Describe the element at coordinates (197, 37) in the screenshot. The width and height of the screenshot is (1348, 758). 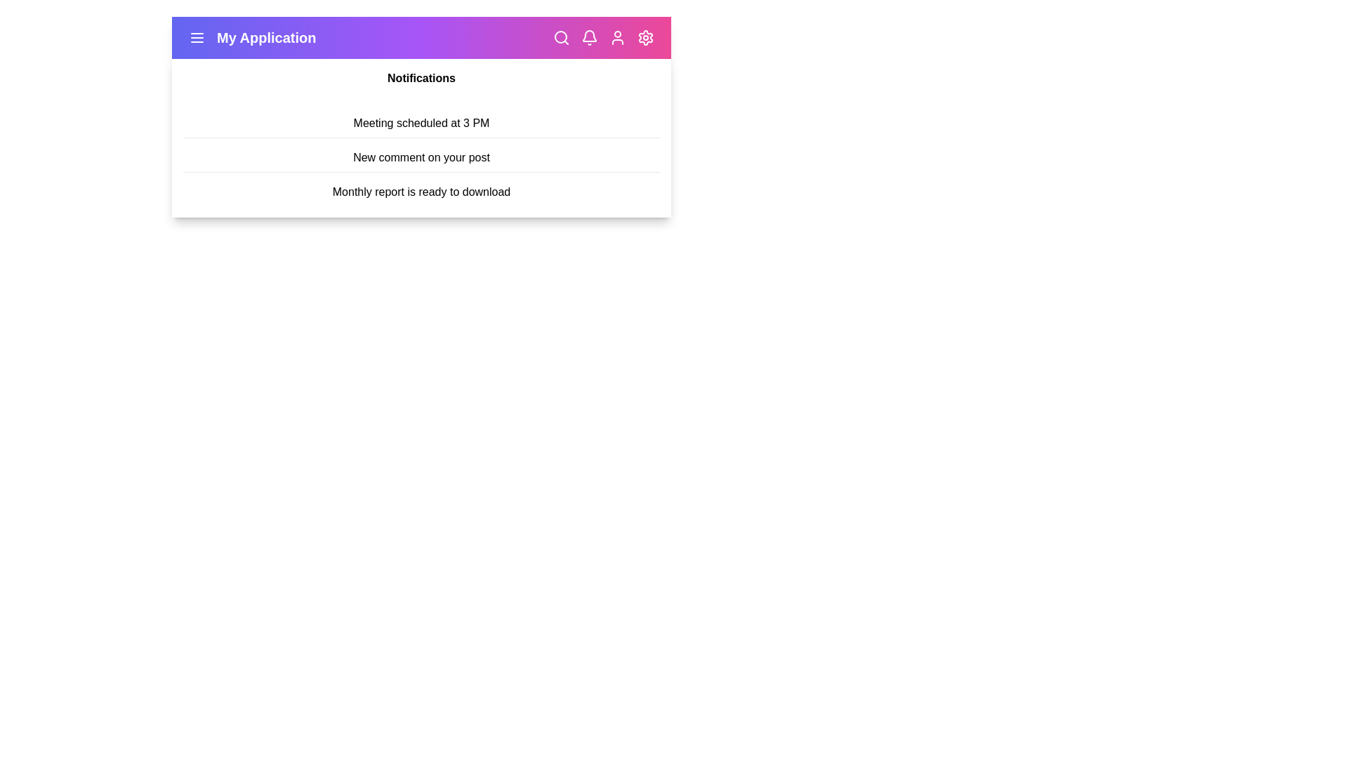
I see `the menu icon to expand the menu` at that location.